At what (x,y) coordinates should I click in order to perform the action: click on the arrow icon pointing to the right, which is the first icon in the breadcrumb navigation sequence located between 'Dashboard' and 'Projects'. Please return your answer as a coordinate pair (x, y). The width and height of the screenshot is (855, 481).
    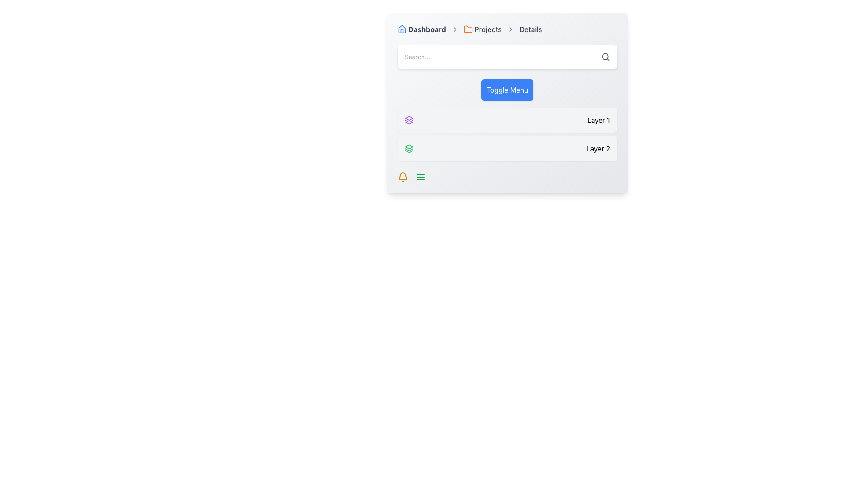
    Looking at the image, I should click on (455, 29).